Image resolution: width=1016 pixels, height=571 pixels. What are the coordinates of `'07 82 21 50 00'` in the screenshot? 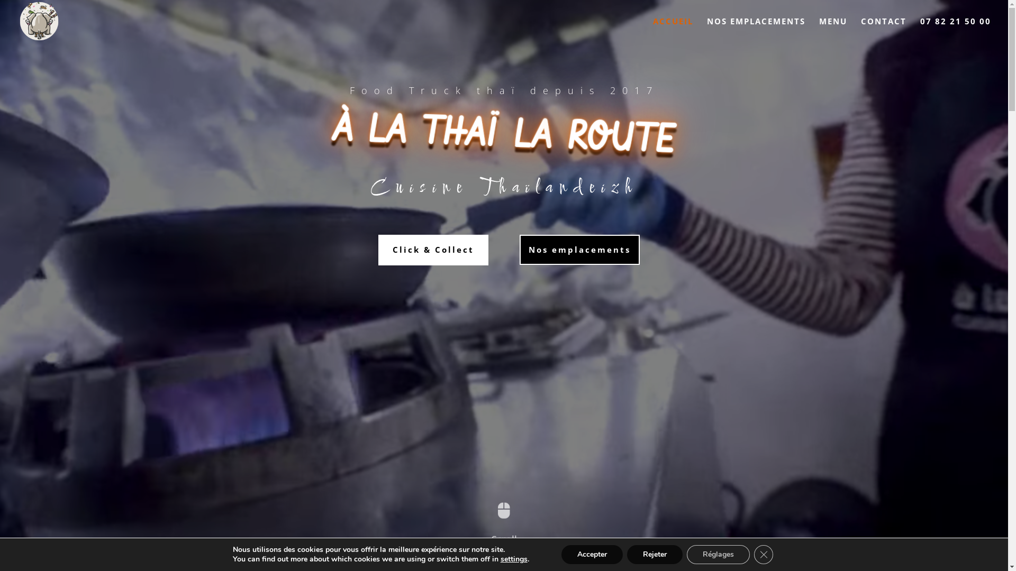 It's located at (919, 29).